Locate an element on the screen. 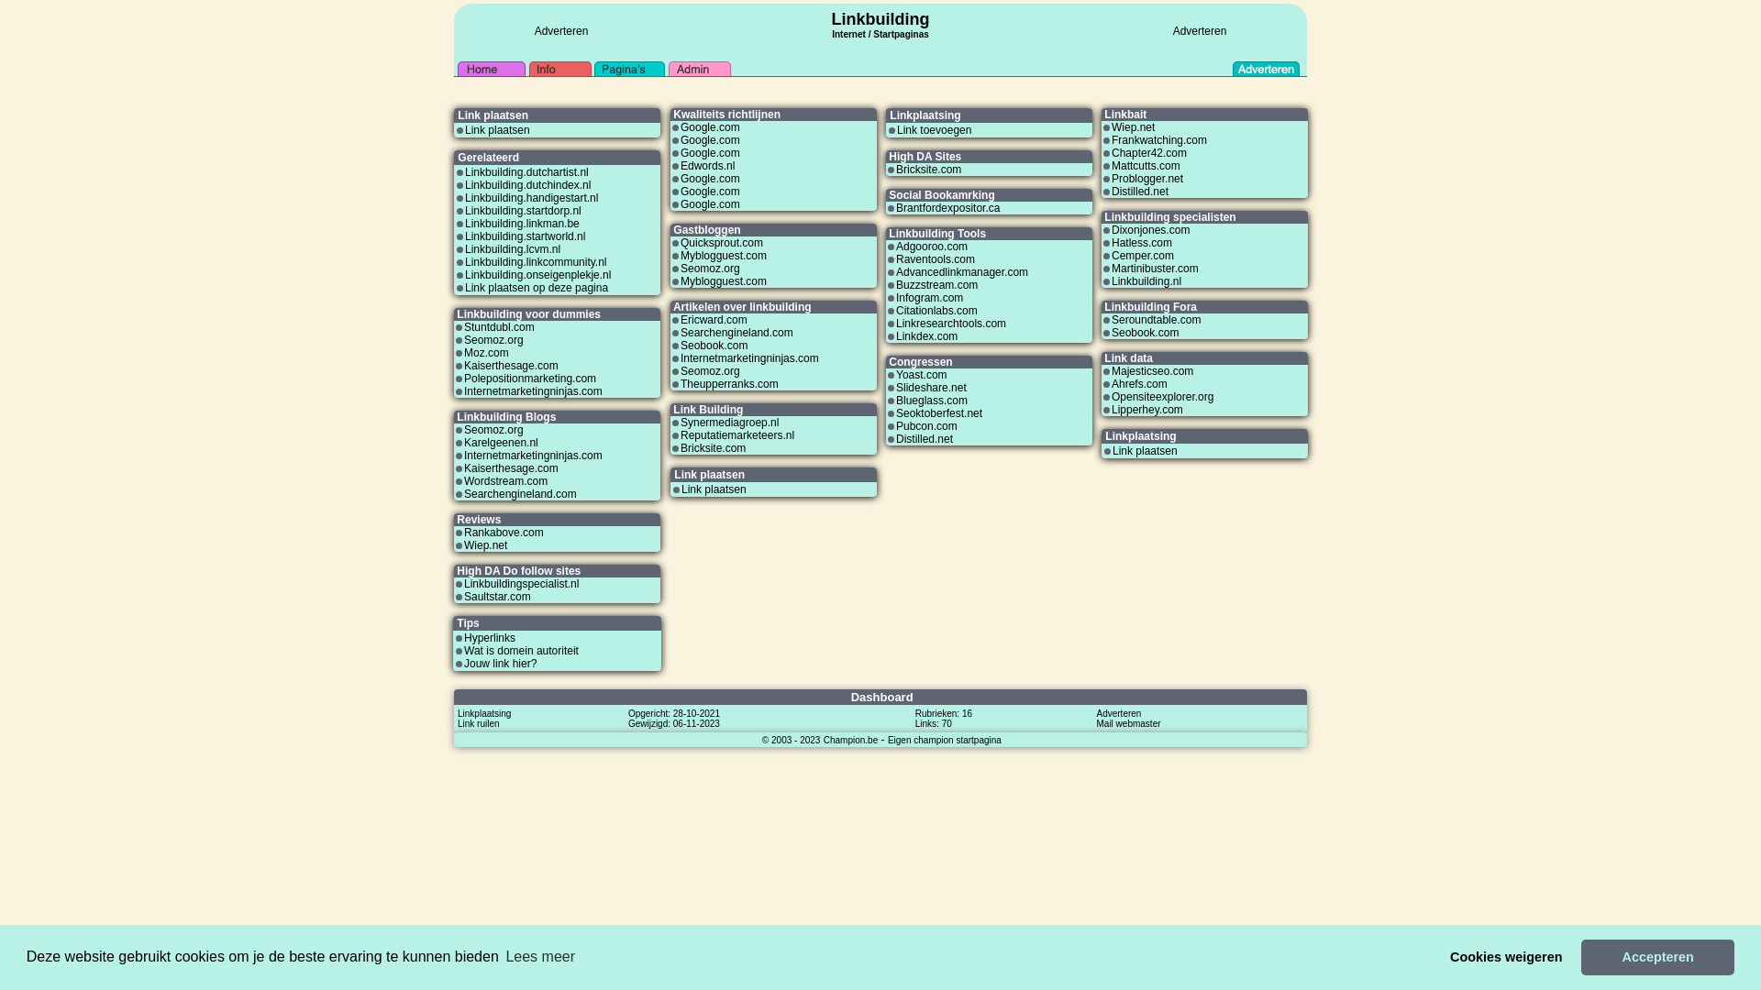 Image resolution: width=1761 pixels, height=990 pixels. 'Reputatiemarketeers.nl' is located at coordinates (737, 434).